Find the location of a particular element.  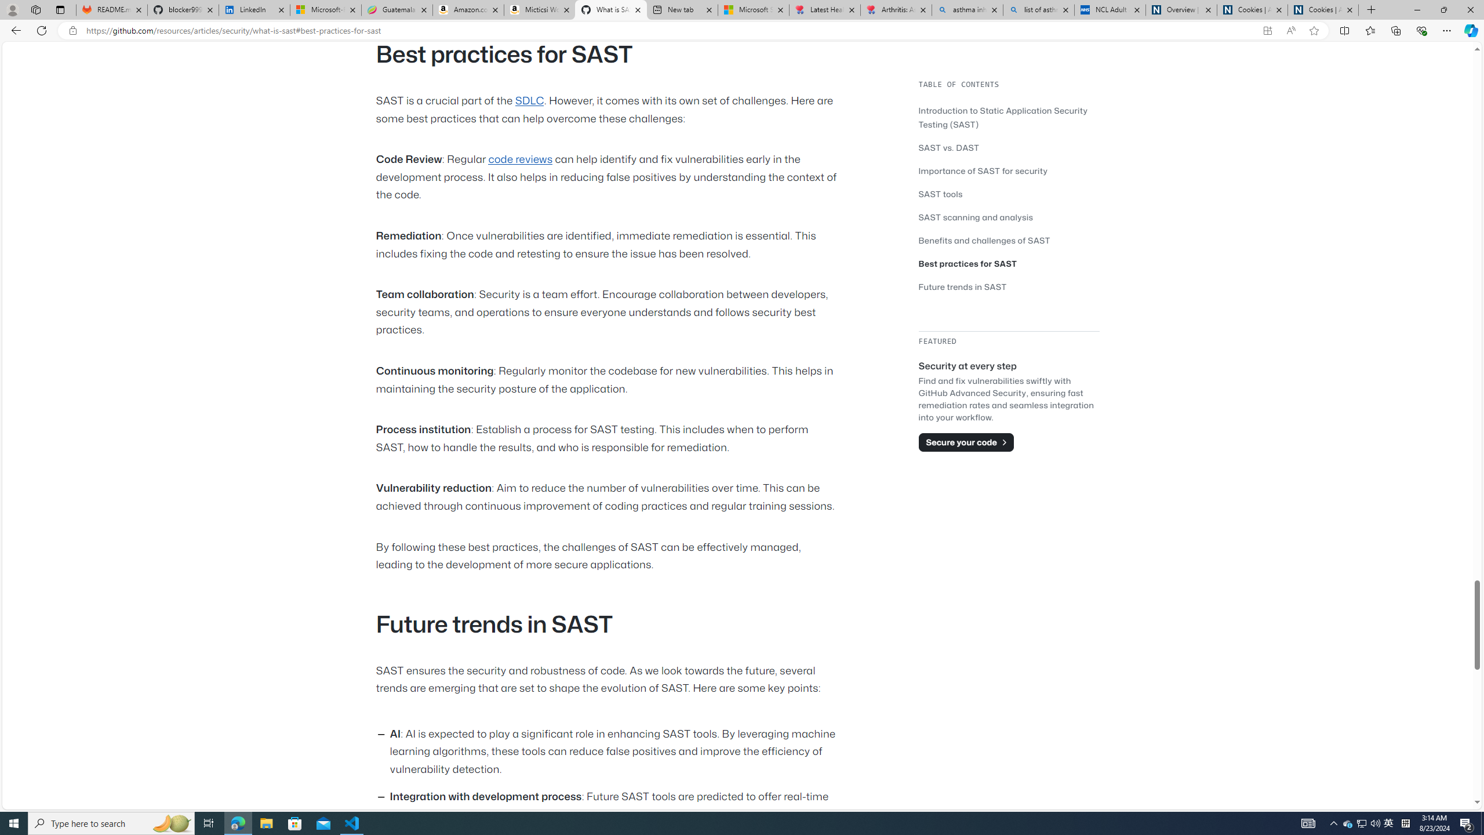

'Importance of SAST for security' is located at coordinates (983, 170).